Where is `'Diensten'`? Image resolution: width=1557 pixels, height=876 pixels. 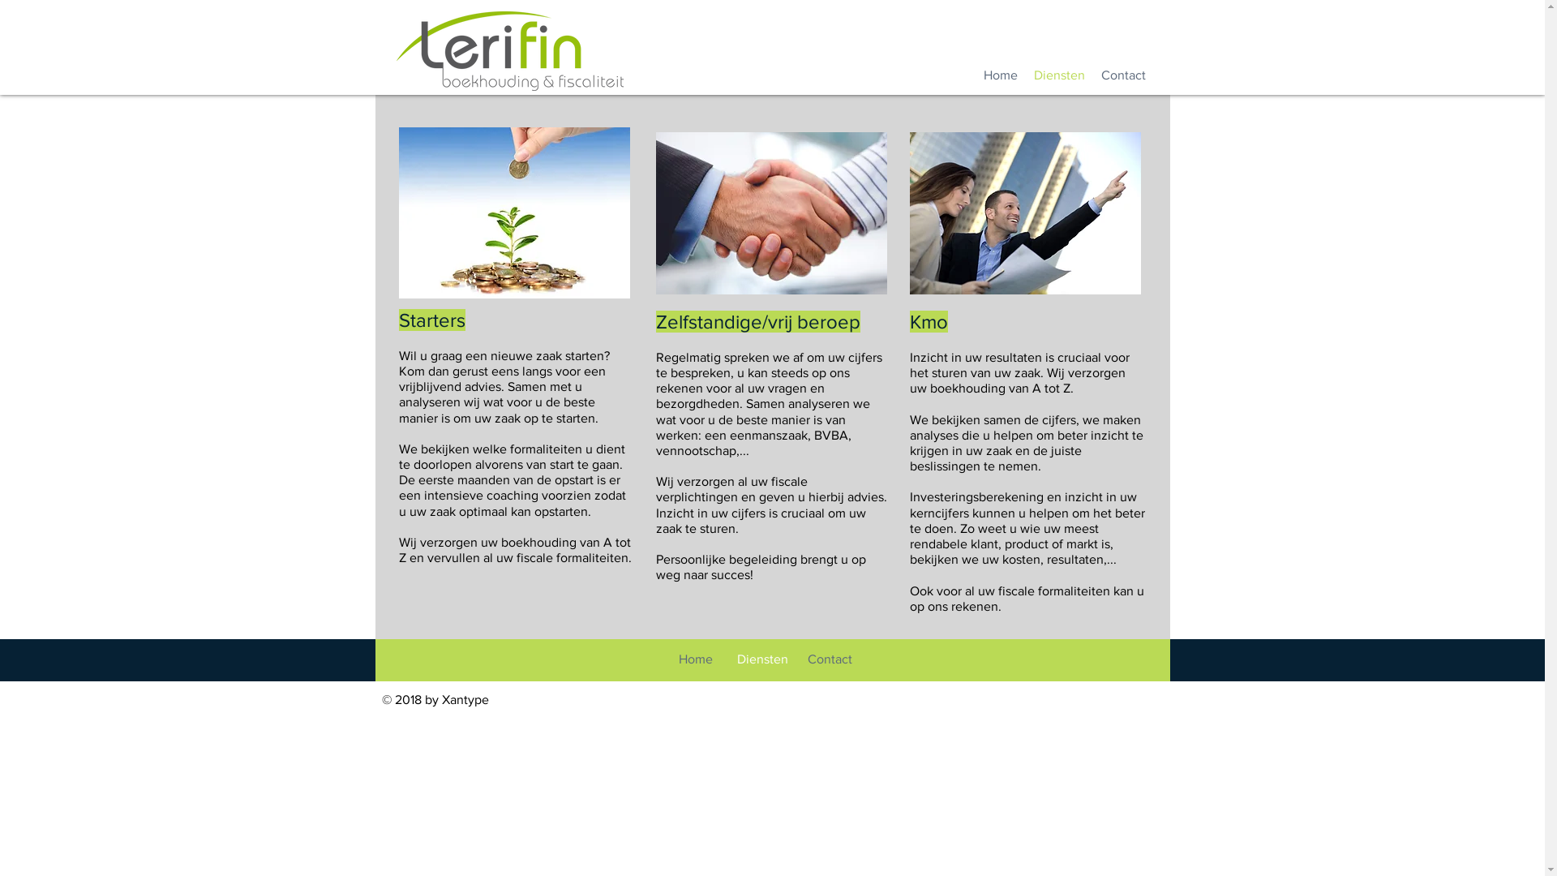
'Diensten' is located at coordinates (1023, 75).